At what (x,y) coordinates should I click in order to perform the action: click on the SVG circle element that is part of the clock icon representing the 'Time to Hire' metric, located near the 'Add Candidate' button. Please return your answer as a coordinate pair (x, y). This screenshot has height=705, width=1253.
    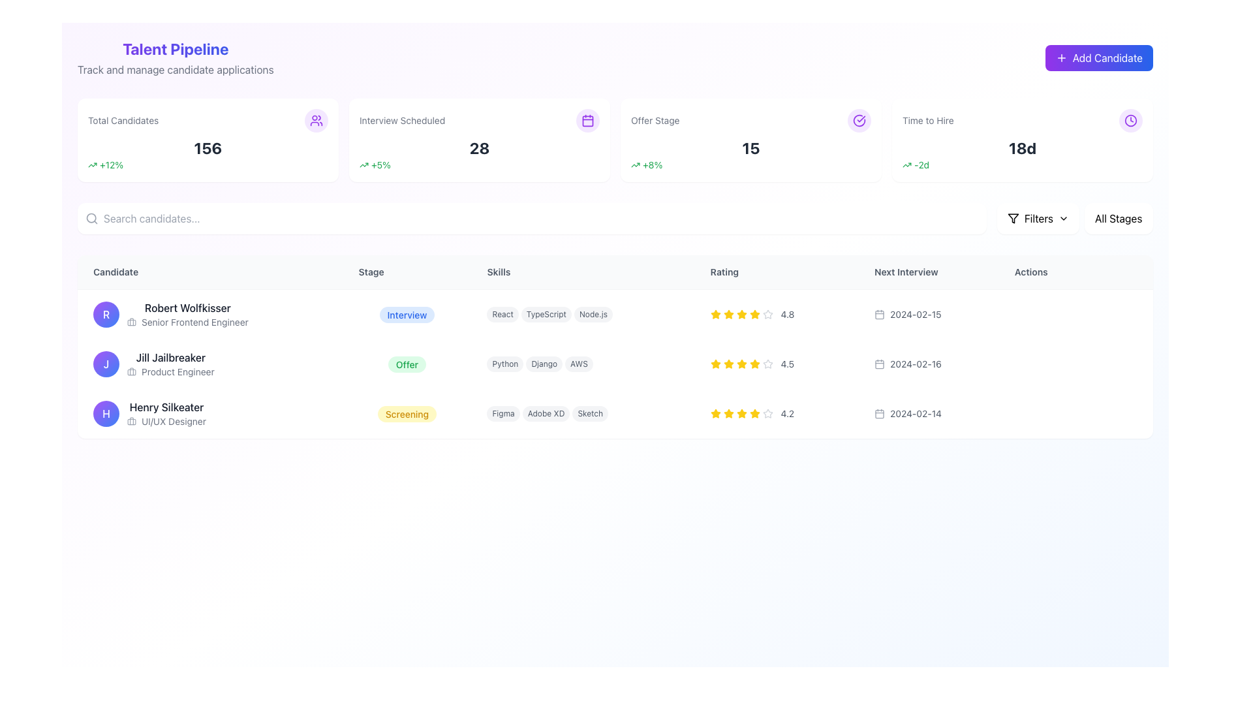
    Looking at the image, I should click on (1130, 121).